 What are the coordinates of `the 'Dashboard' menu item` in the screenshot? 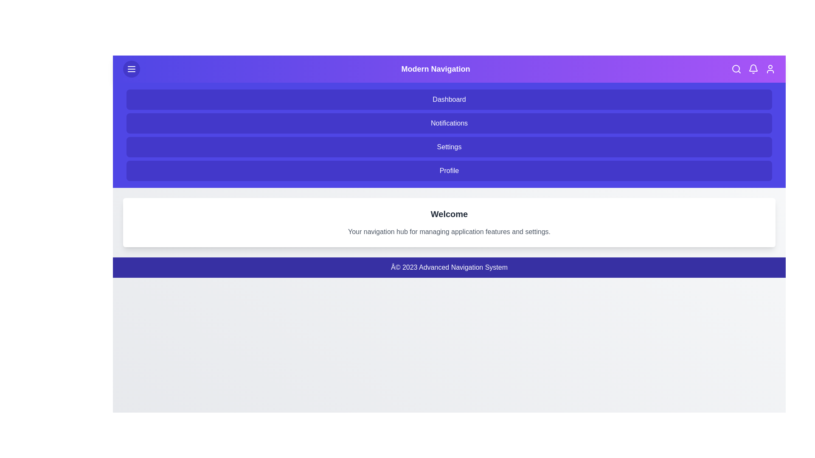 It's located at (449, 99).